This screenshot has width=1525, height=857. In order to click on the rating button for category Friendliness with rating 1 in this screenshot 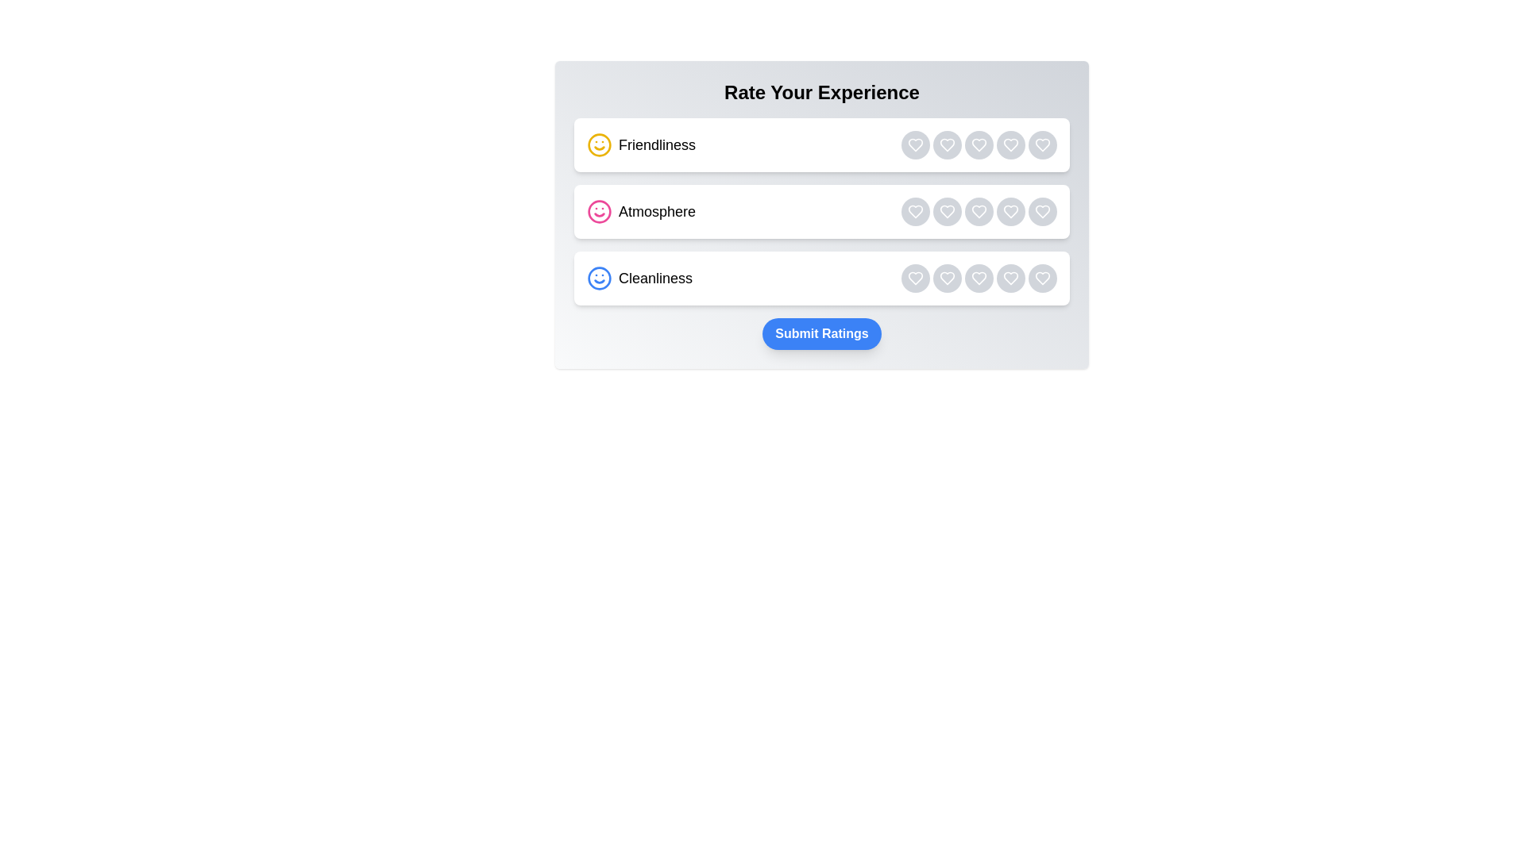, I will do `click(915, 144)`.